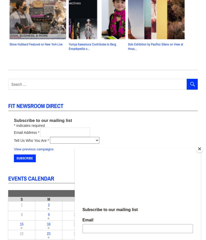 The width and height of the screenshot is (206, 240). I want to click on 'Subscribe to our mailing list', so click(43, 120).